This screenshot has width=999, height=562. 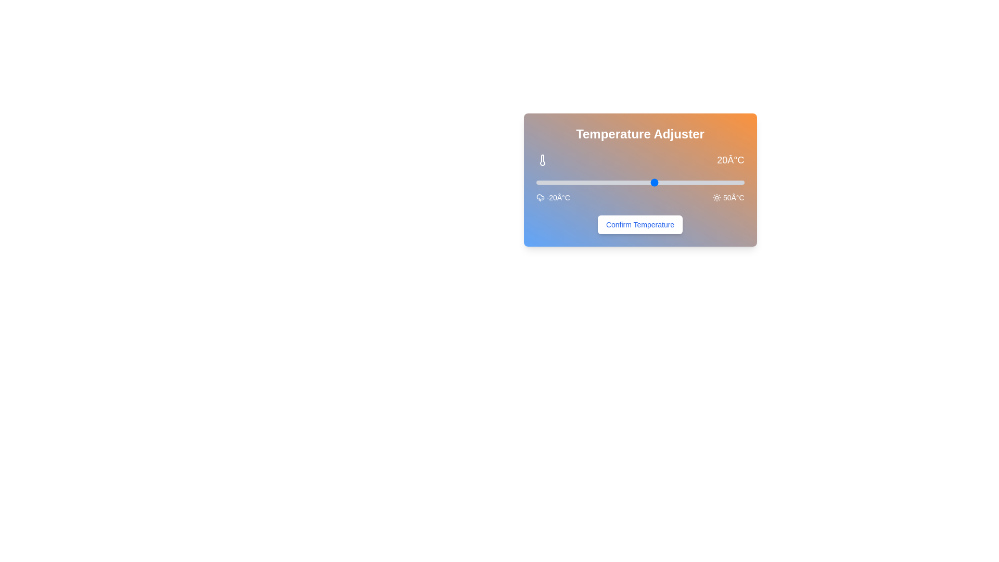 I want to click on the 'Confirm Temperature' button to confirm the selected temperature, so click(x=639, y=224).